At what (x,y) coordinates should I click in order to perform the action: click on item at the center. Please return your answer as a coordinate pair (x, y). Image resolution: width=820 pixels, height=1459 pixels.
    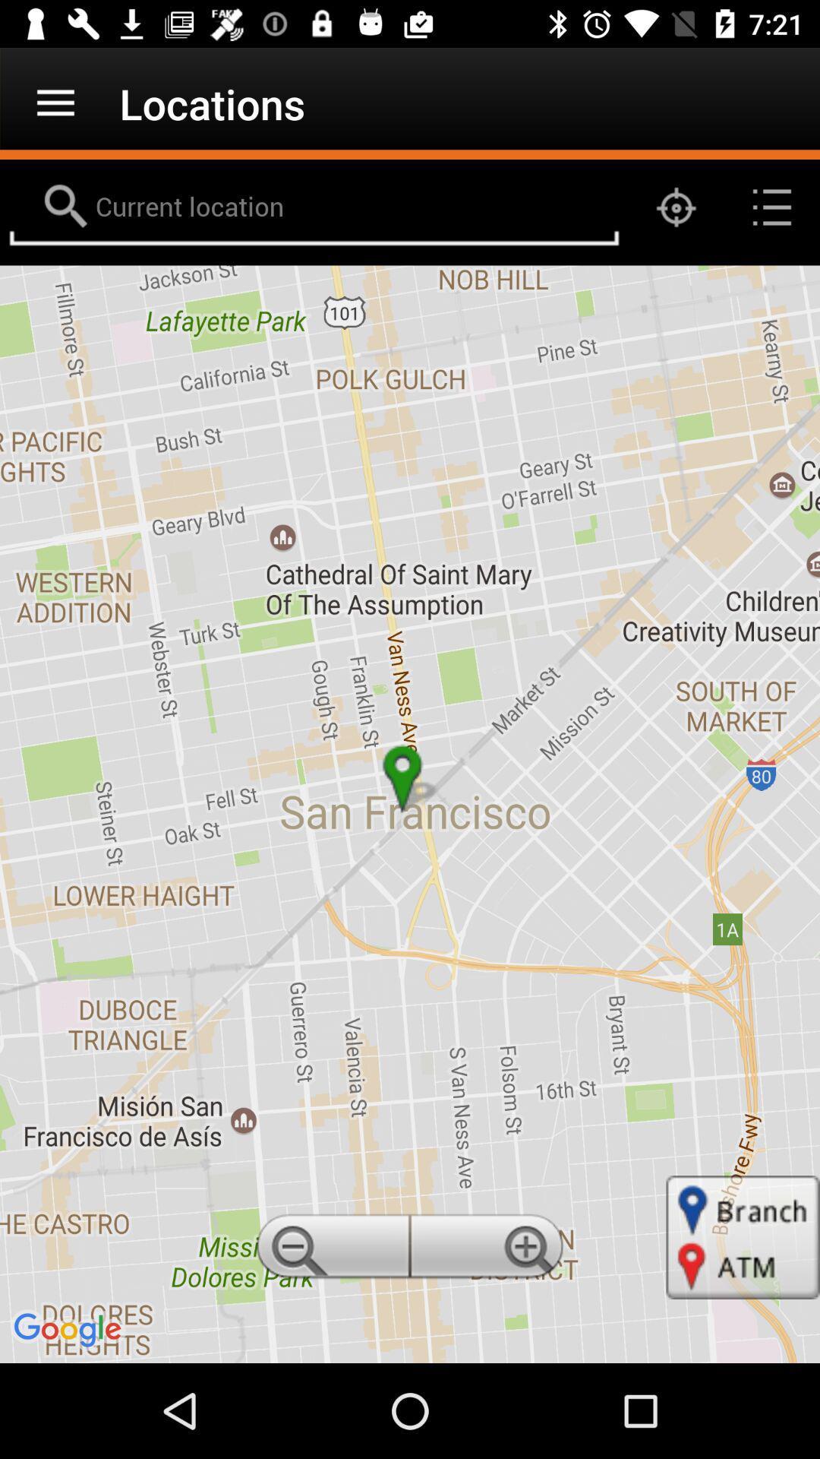
    Looking at the image, I should click on (410, 813).